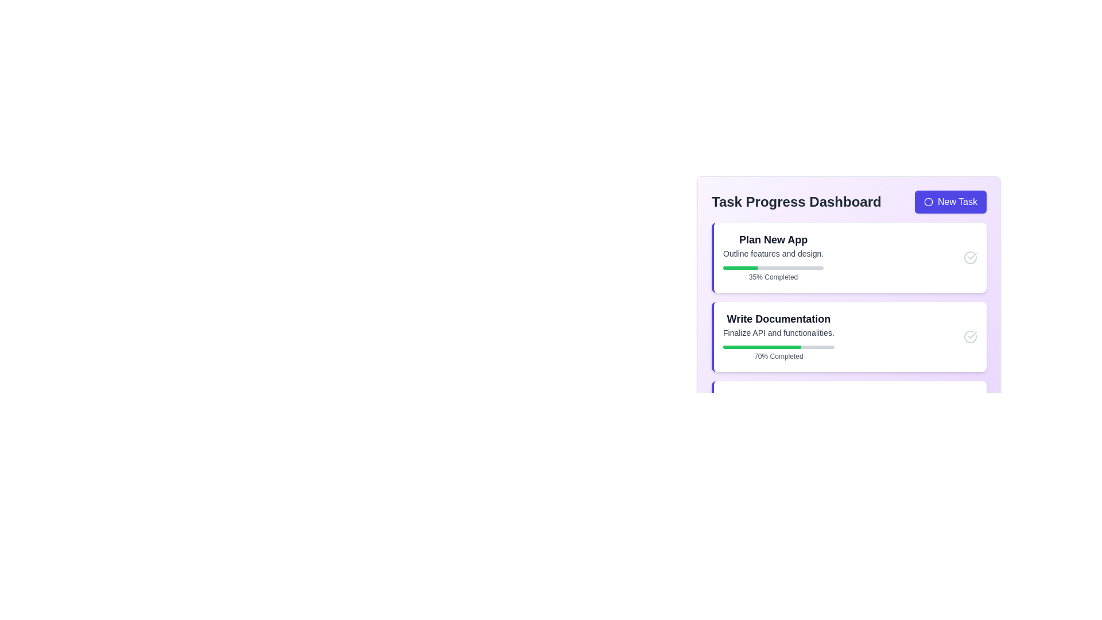 The width and height of the screenshot is (1102, 620). I want to click on the 'New Task' button, which contains a circular icon on its left side, so click(928, 201).